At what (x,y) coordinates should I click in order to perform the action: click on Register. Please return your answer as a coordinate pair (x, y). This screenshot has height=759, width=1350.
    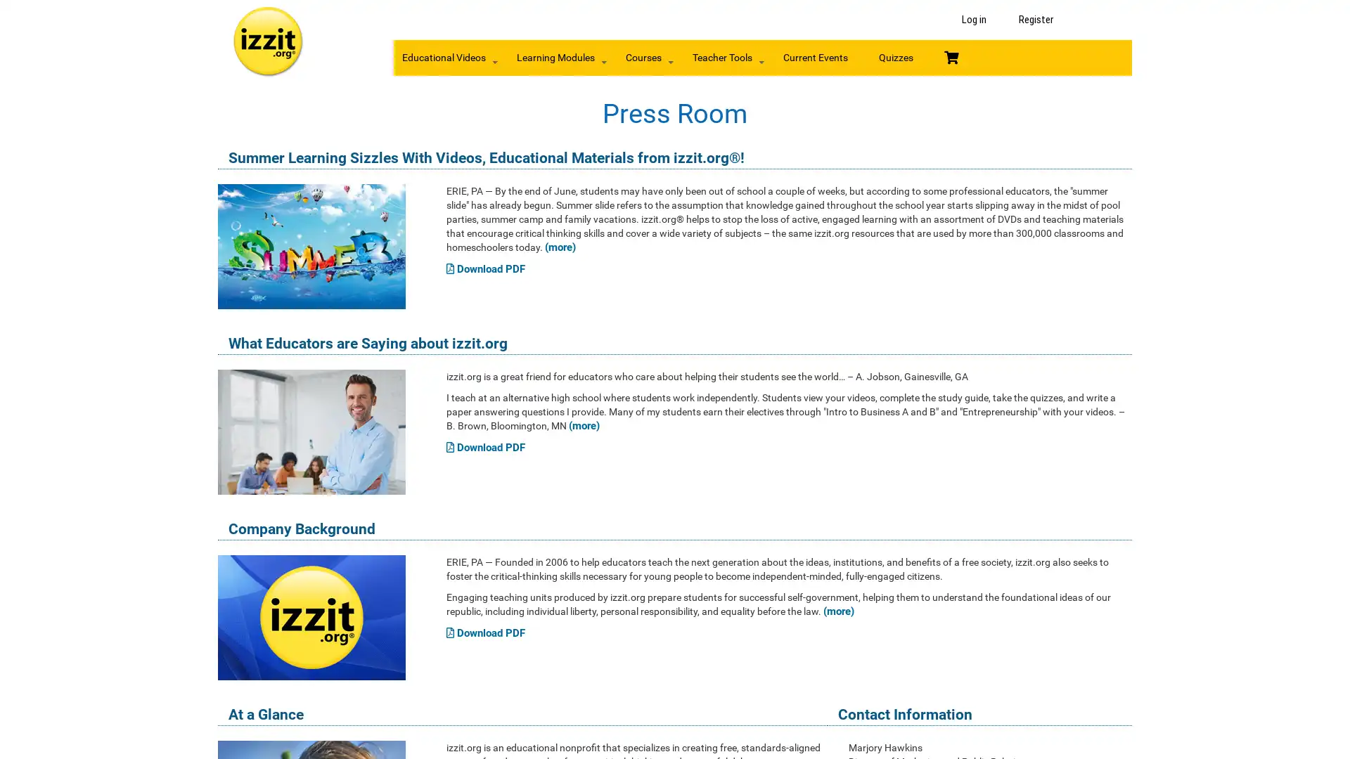
    Looking at the image, I should click on (1036, 20).